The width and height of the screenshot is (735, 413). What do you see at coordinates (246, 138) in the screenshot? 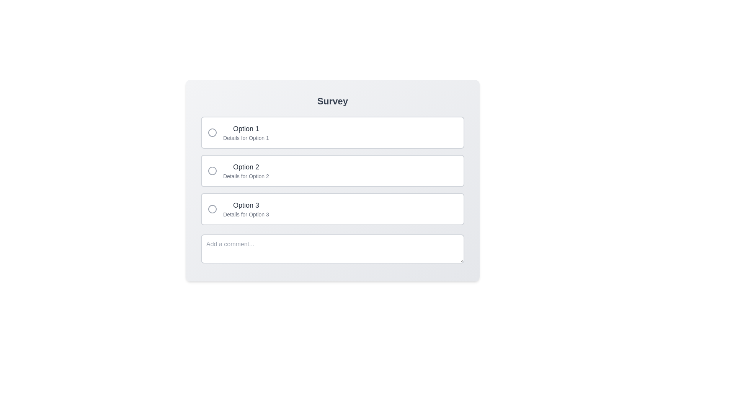
I see `the static text label 'Details for Option 1' located below the main option title 'Option 1'` at bounding box center [246, 138].